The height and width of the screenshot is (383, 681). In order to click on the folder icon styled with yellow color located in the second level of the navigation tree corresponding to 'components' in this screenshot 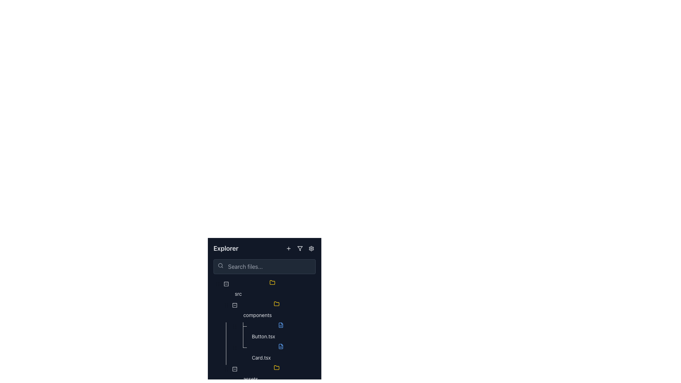, I will do `click(277, 305)`.